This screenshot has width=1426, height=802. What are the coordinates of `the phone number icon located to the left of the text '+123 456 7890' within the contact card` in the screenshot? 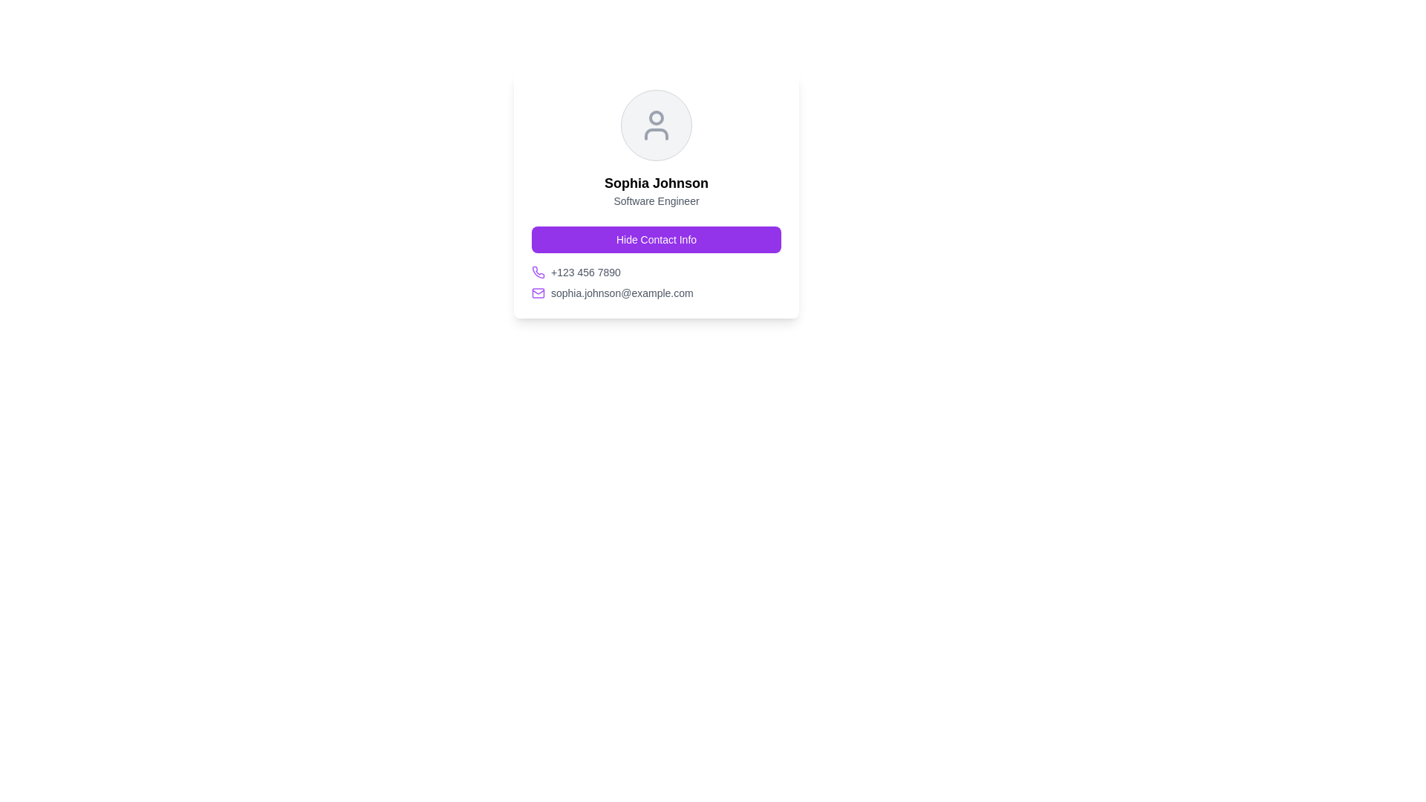 It's located at (537, 272).